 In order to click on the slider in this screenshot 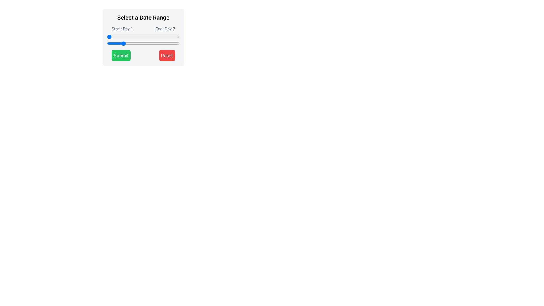, I will do `click(164, 37)`.